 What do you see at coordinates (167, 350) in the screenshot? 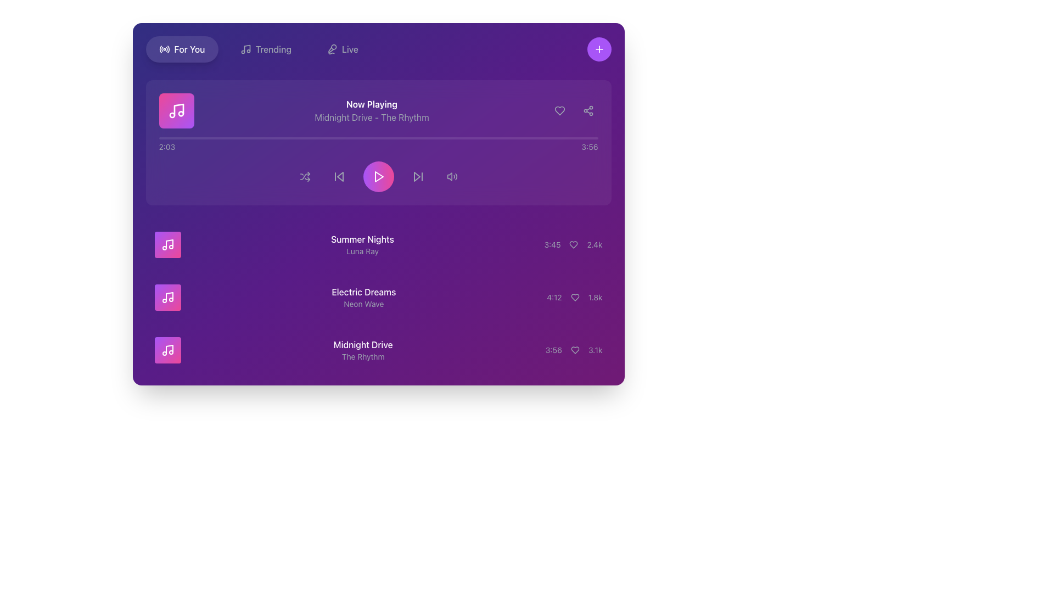
I see `the icon representing the specific song in the vertical list of music-related icons` at bounding box center [167, 350].